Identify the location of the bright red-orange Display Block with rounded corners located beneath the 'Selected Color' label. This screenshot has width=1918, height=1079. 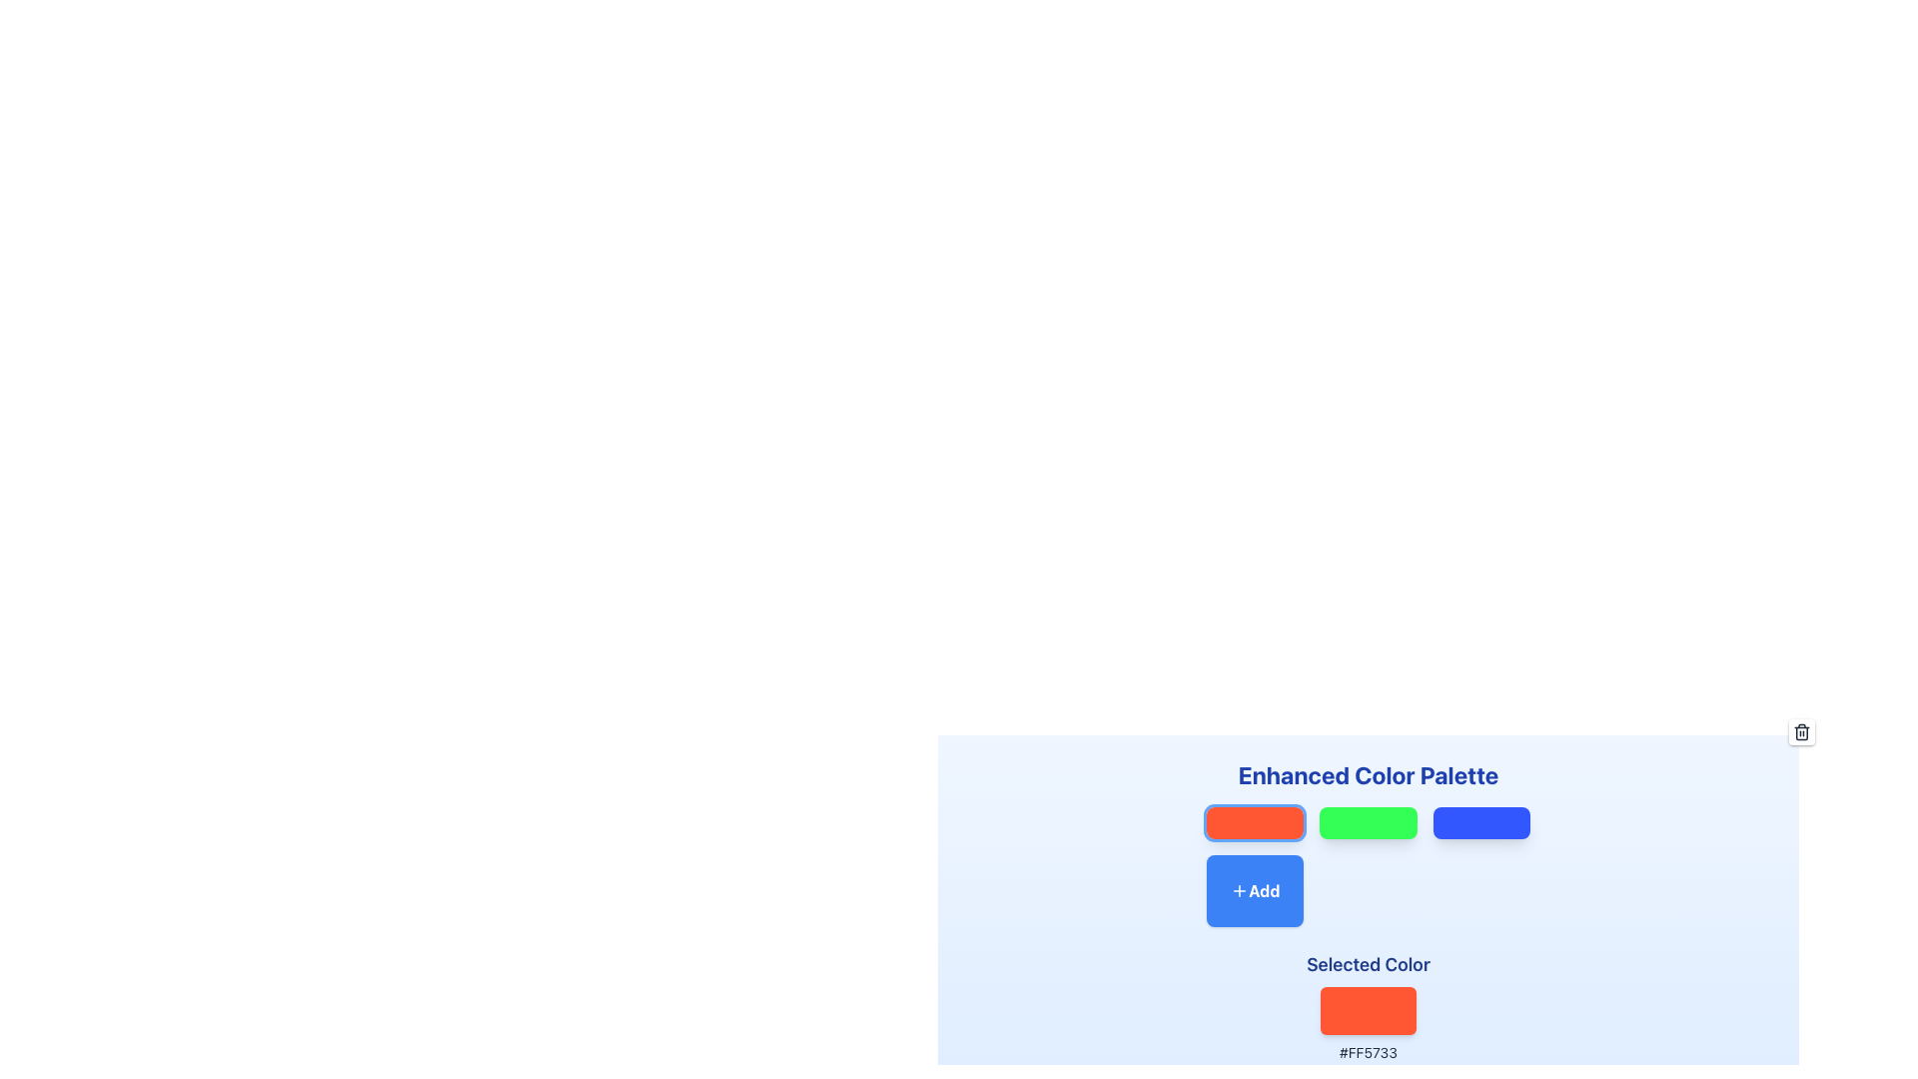
(1366, 1010).